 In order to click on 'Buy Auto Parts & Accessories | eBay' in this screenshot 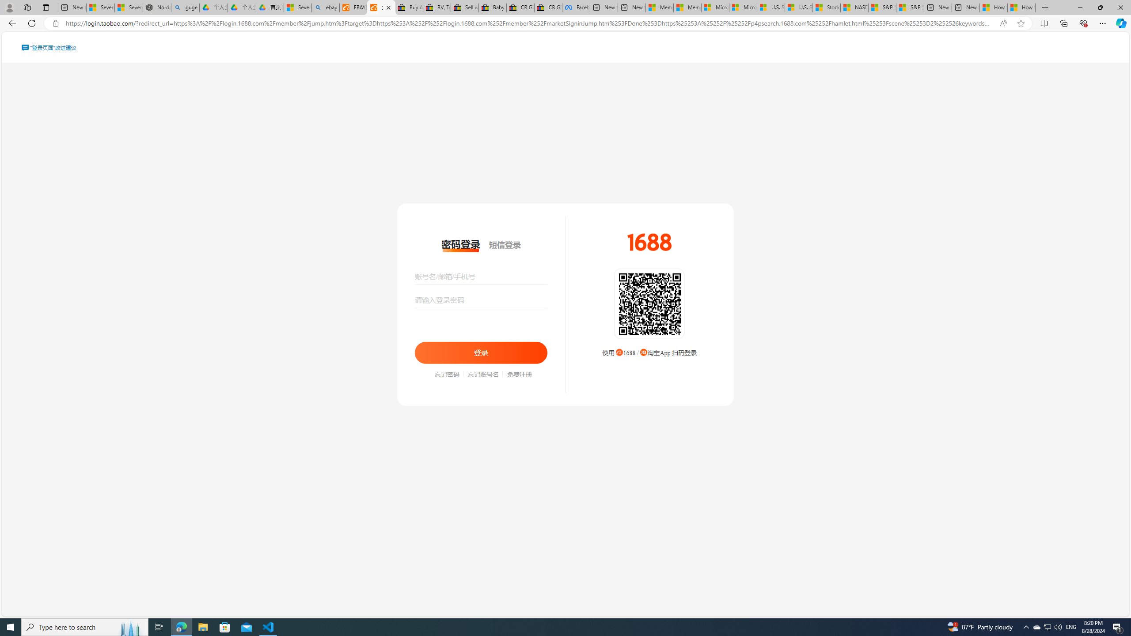, I will do `click(409, 7)`.